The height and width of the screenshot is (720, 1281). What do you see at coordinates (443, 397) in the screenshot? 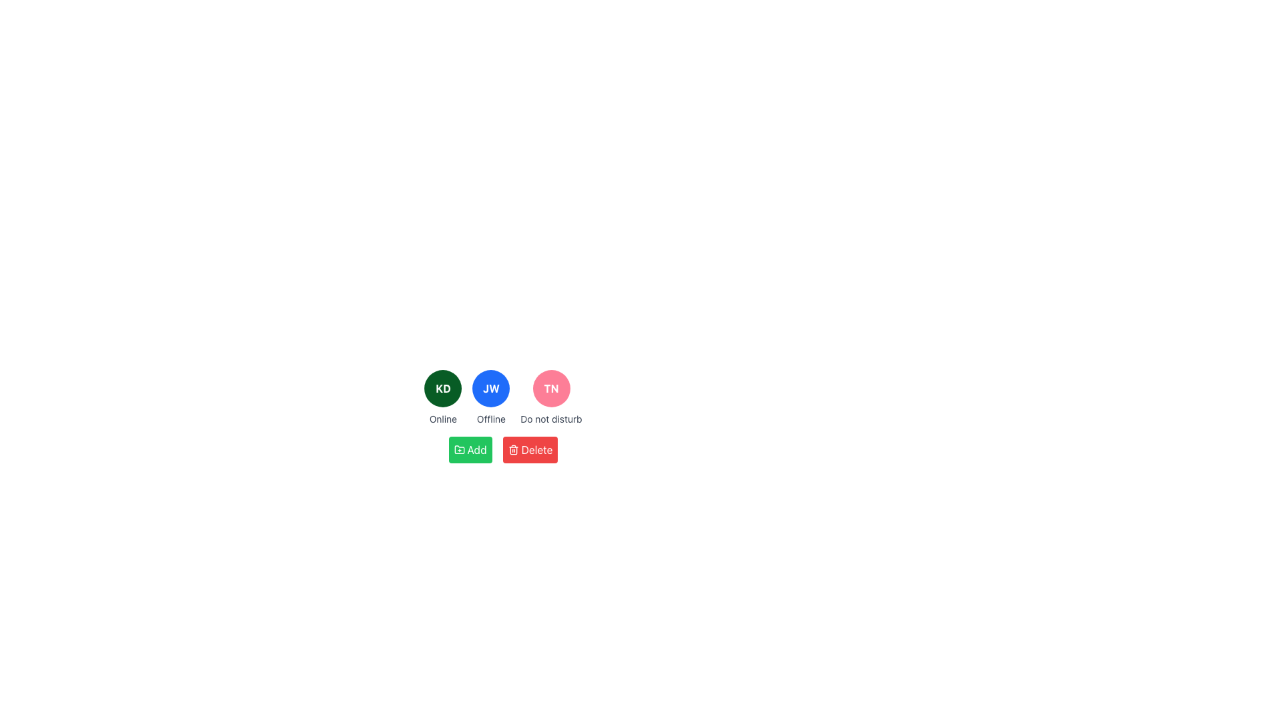
I see `the composite element consisting of an avatar with initials 'KD' in a circular icon and the text label 'Online' below it, located in the upper-middle section of the interface` at bounding box center [443, 397].